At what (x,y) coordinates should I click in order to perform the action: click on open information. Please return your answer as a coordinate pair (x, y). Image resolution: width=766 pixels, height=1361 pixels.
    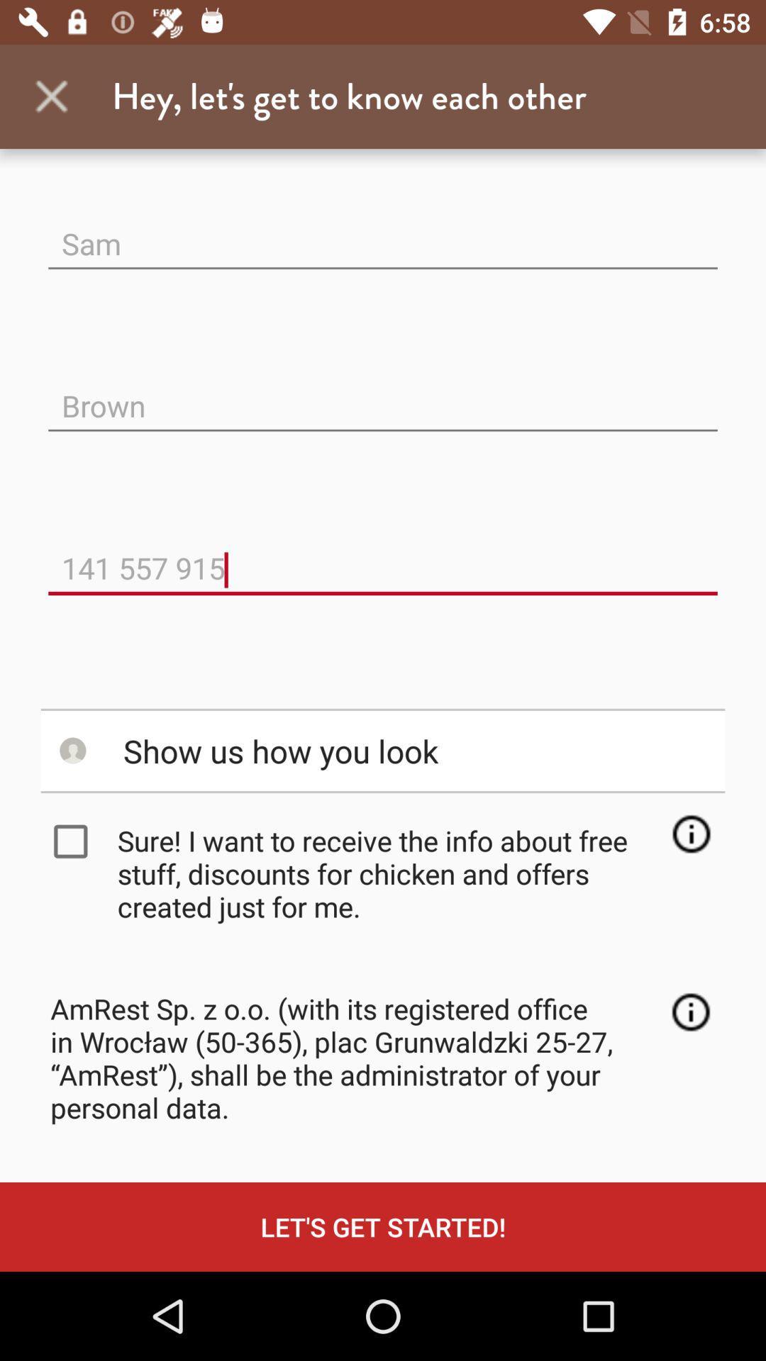
    Looking at the image, I should click on (690, 834).